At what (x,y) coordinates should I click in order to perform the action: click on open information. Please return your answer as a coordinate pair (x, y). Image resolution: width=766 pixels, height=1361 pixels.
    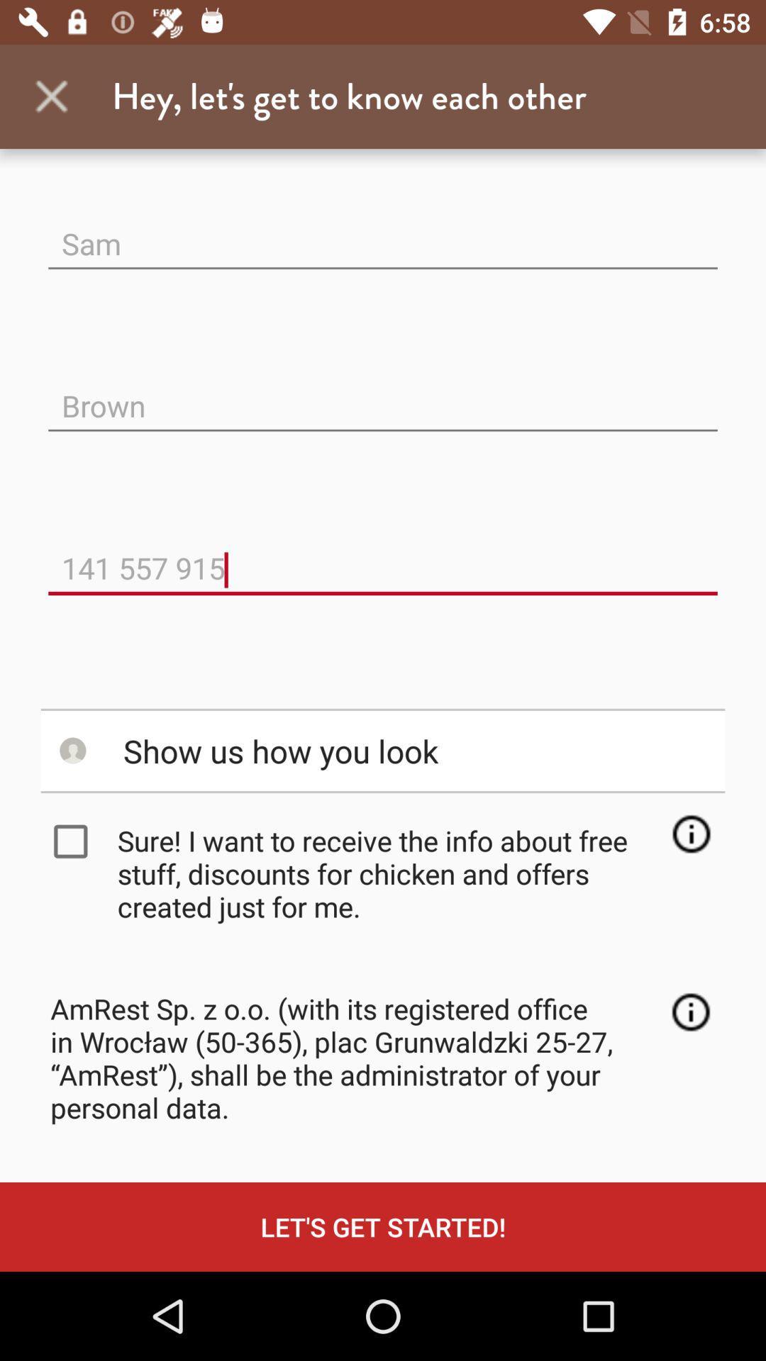
    Looking at the image, I should click on (690, 834).